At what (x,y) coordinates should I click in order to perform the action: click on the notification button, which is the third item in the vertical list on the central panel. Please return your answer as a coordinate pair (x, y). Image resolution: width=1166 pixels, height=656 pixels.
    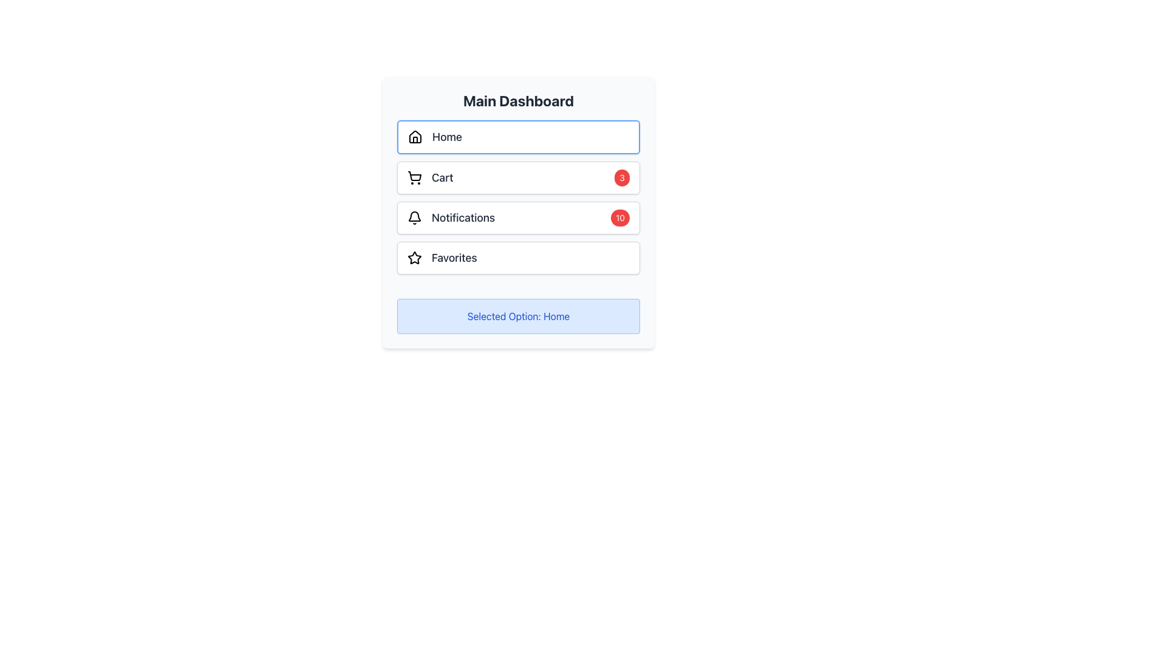
    Looking at the image, I should click on (519, 217).